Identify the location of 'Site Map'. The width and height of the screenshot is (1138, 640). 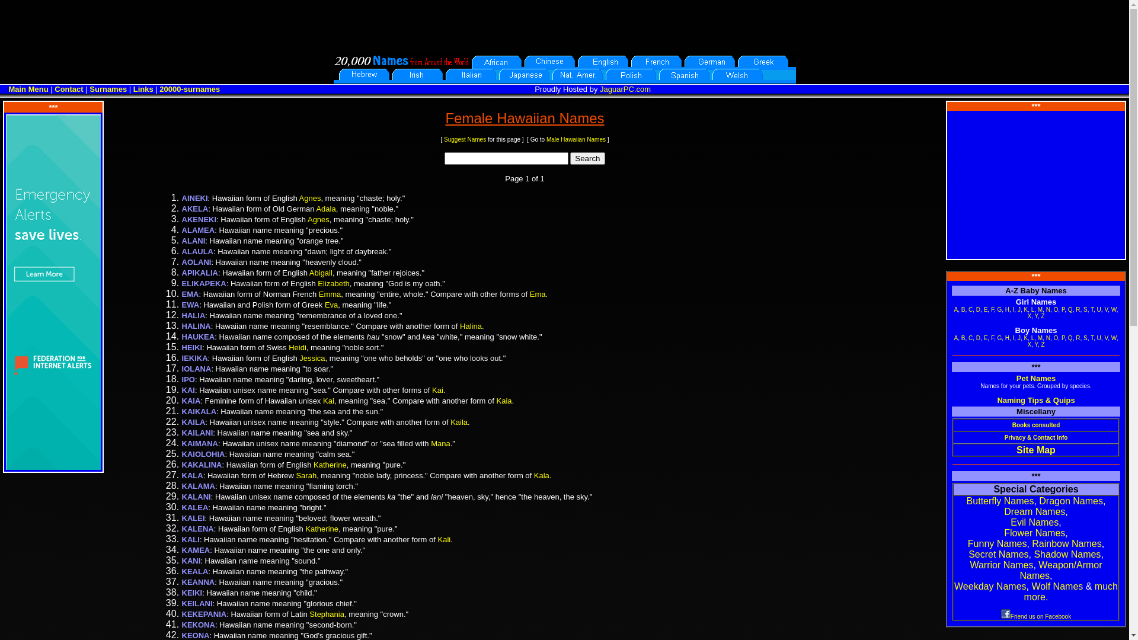
(1035, 449).